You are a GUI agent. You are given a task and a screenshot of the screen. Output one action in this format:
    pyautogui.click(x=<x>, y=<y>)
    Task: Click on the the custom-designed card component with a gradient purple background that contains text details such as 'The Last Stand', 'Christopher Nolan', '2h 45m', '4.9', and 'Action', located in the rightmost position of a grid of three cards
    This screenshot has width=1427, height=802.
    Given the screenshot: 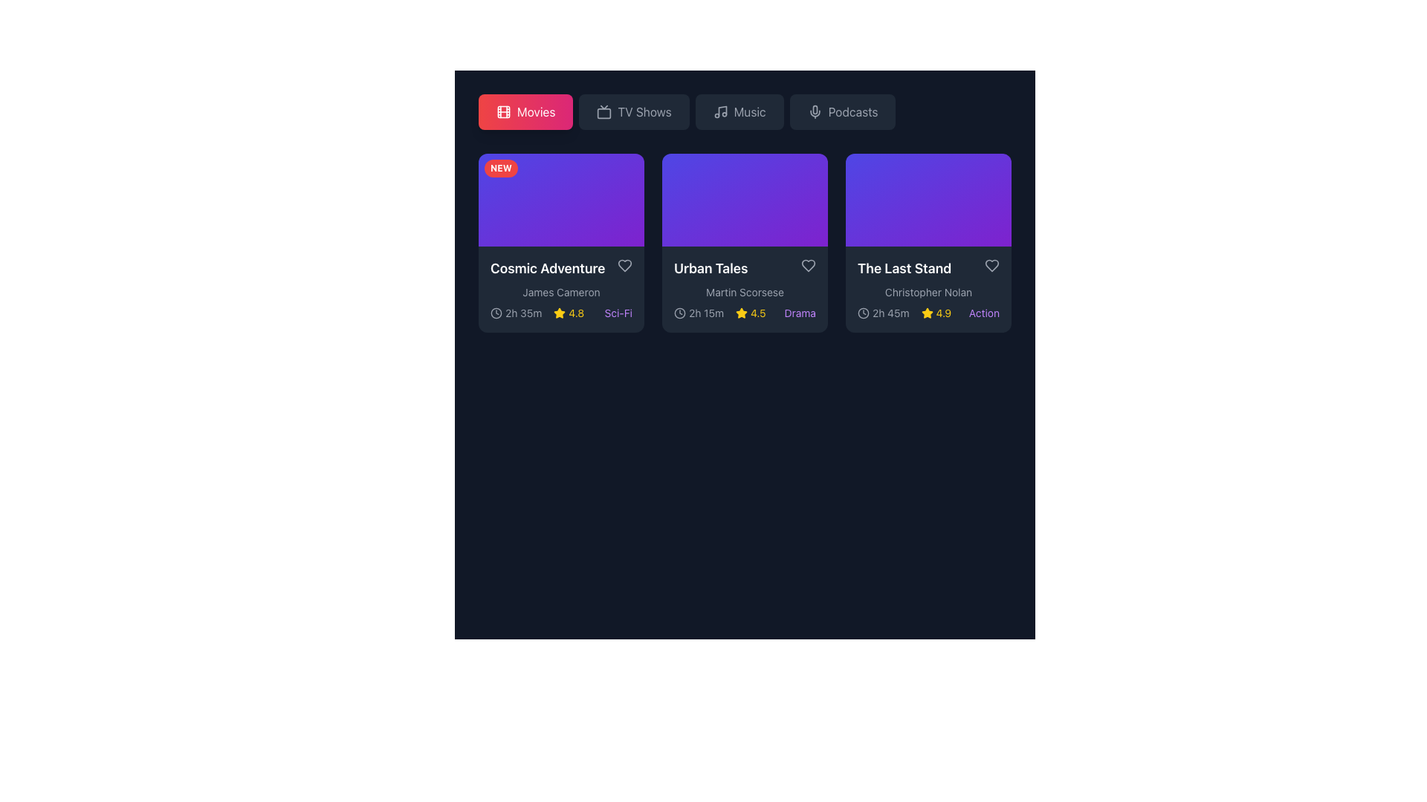 What is the action you would take?
    pyautogui.click(x=928, y=242)
    